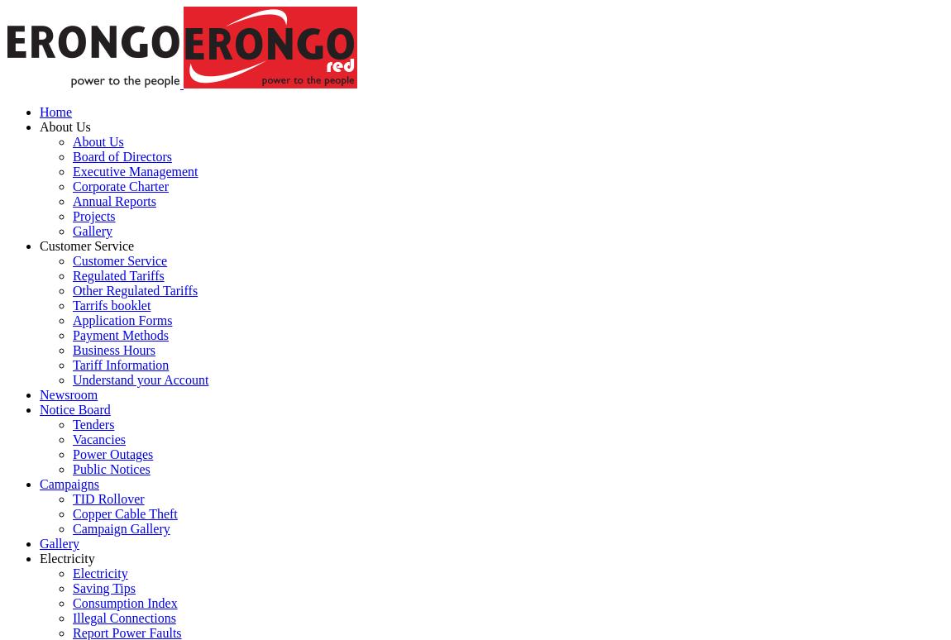  Describe the element at coordinates (71, 350) in the screenshot. I see `'Business Hours'` at that location.